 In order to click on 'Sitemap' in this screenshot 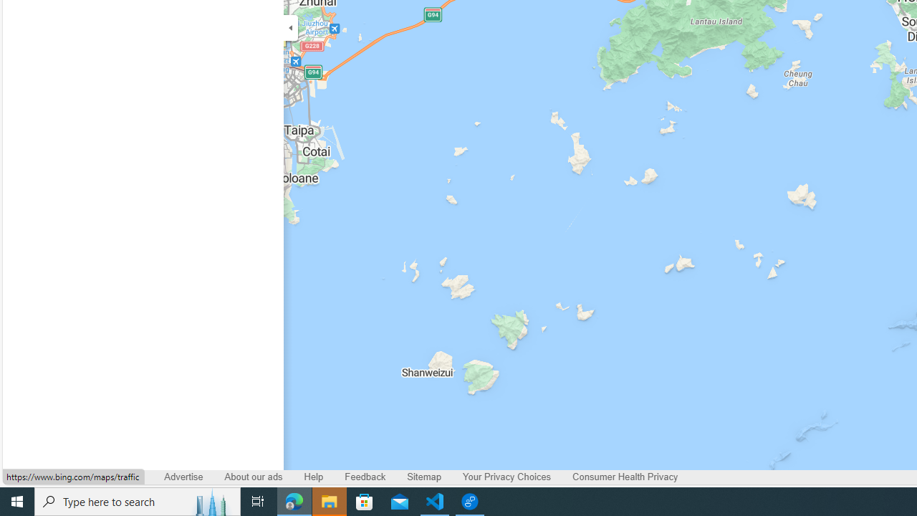, I will do `click(423, 477)`.